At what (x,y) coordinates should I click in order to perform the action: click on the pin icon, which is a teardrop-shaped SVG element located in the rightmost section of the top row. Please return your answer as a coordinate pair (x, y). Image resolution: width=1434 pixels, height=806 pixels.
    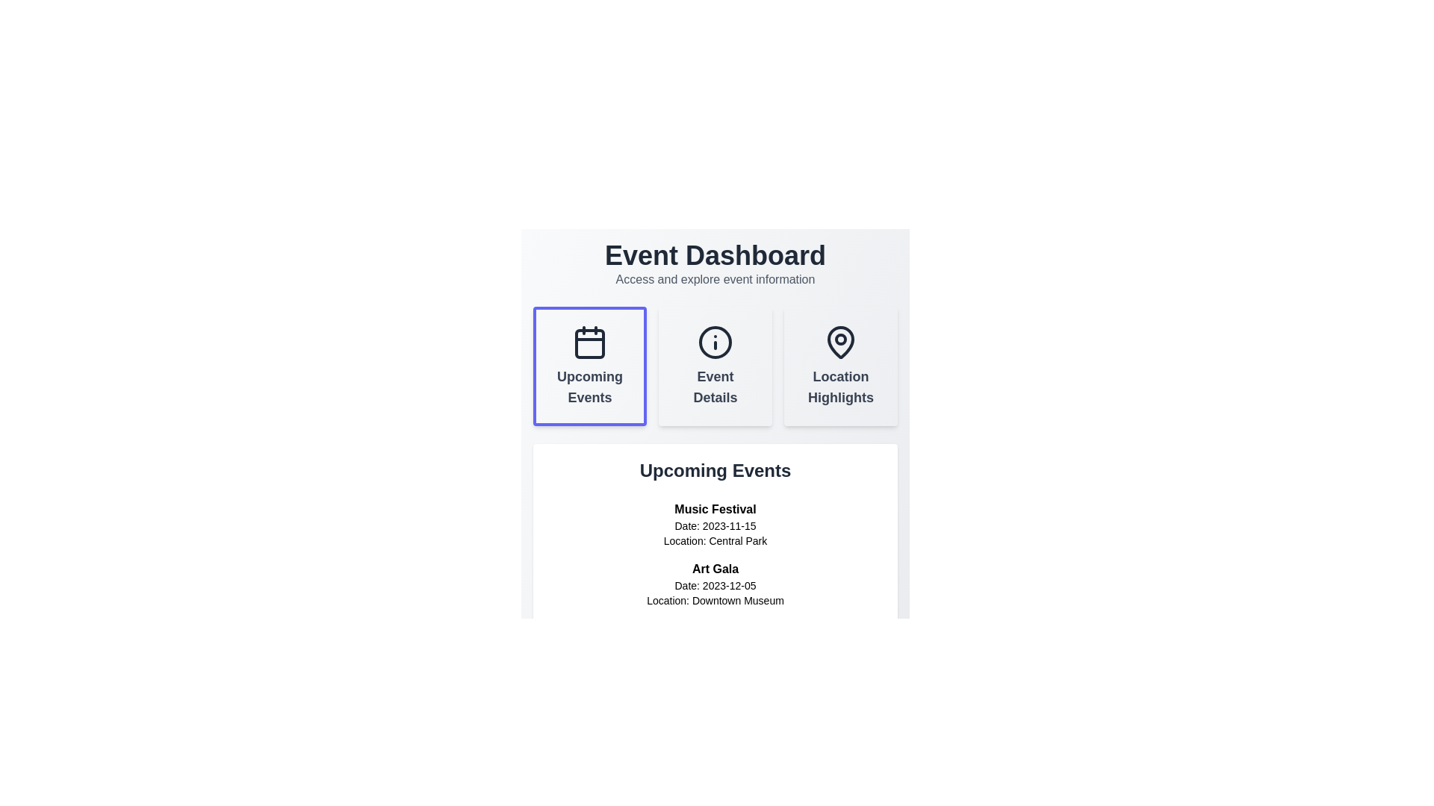
    Looking at the image, I should click on (841, 342).